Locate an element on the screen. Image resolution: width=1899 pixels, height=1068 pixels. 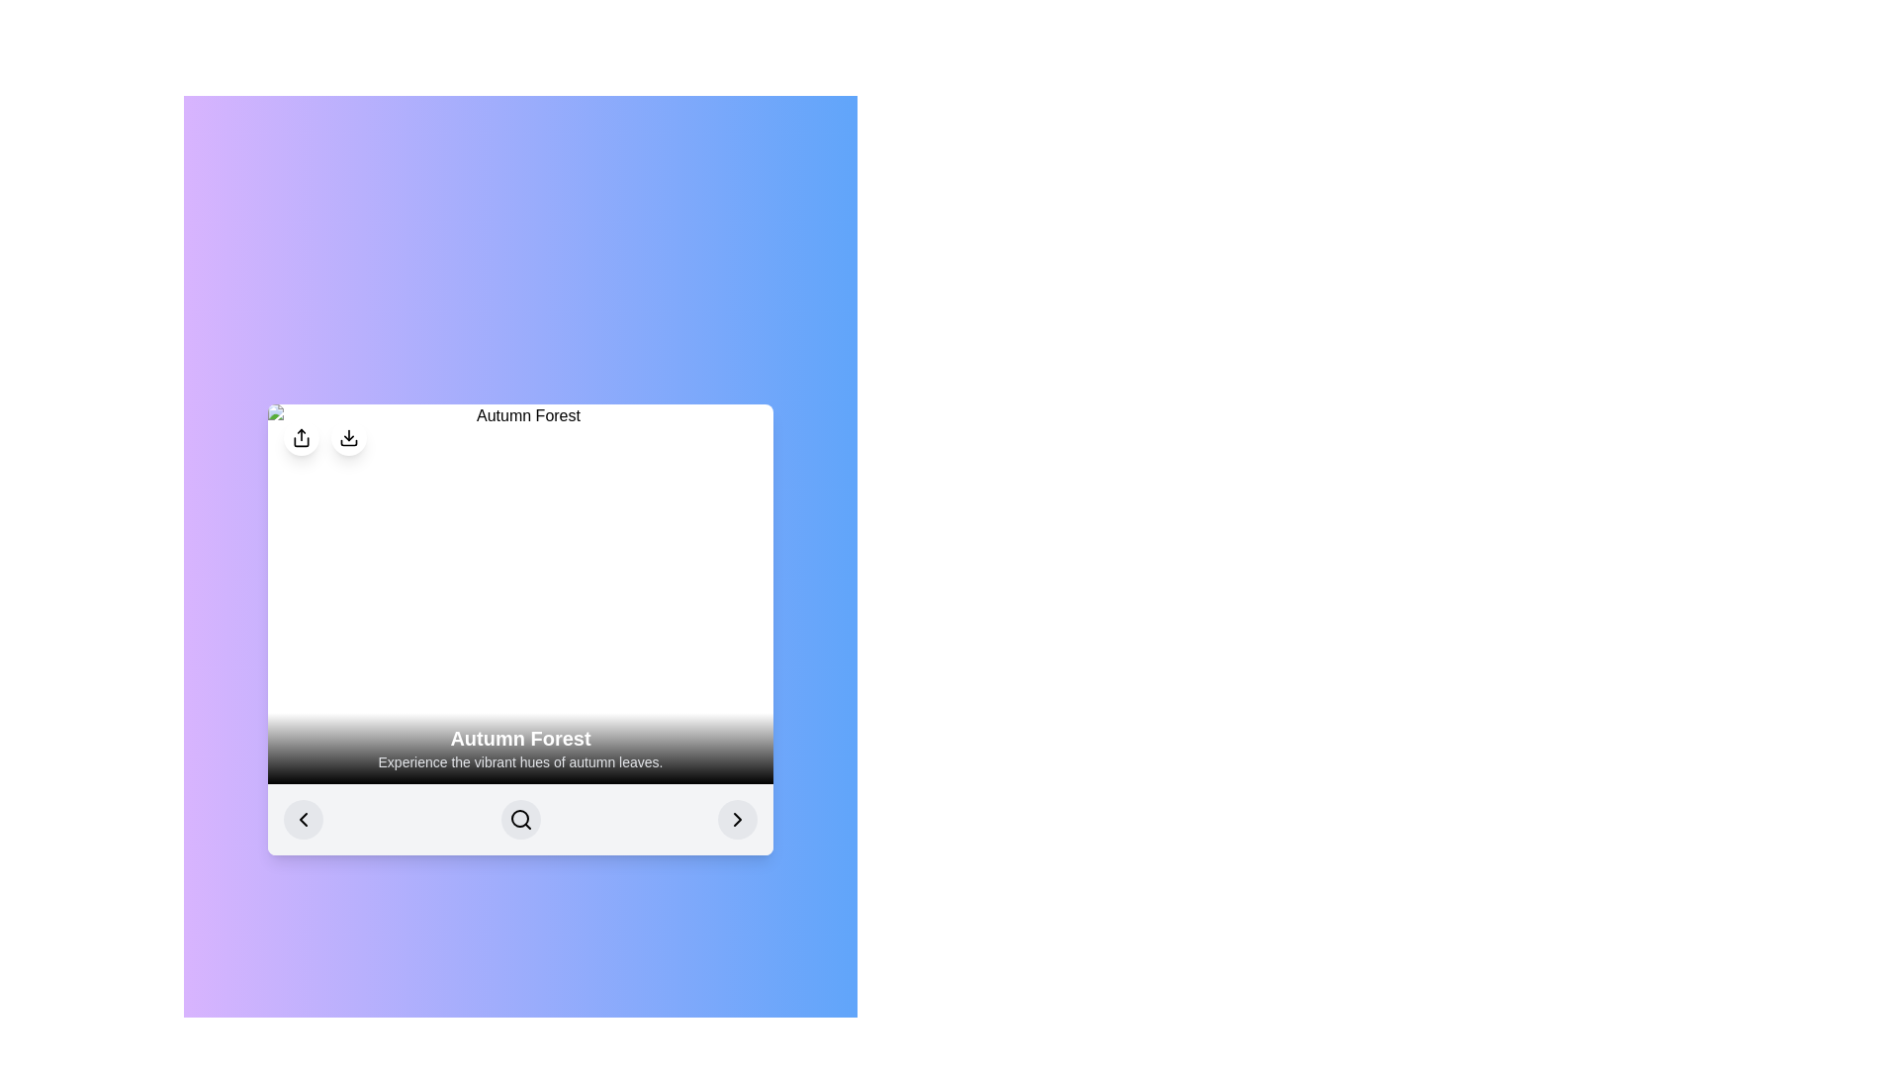
the SVG circle graphic component that forms the body of the search icon located at the bottom middle of the interface, below the 'Autumn Forest' text is located at coordinates (519, 819).